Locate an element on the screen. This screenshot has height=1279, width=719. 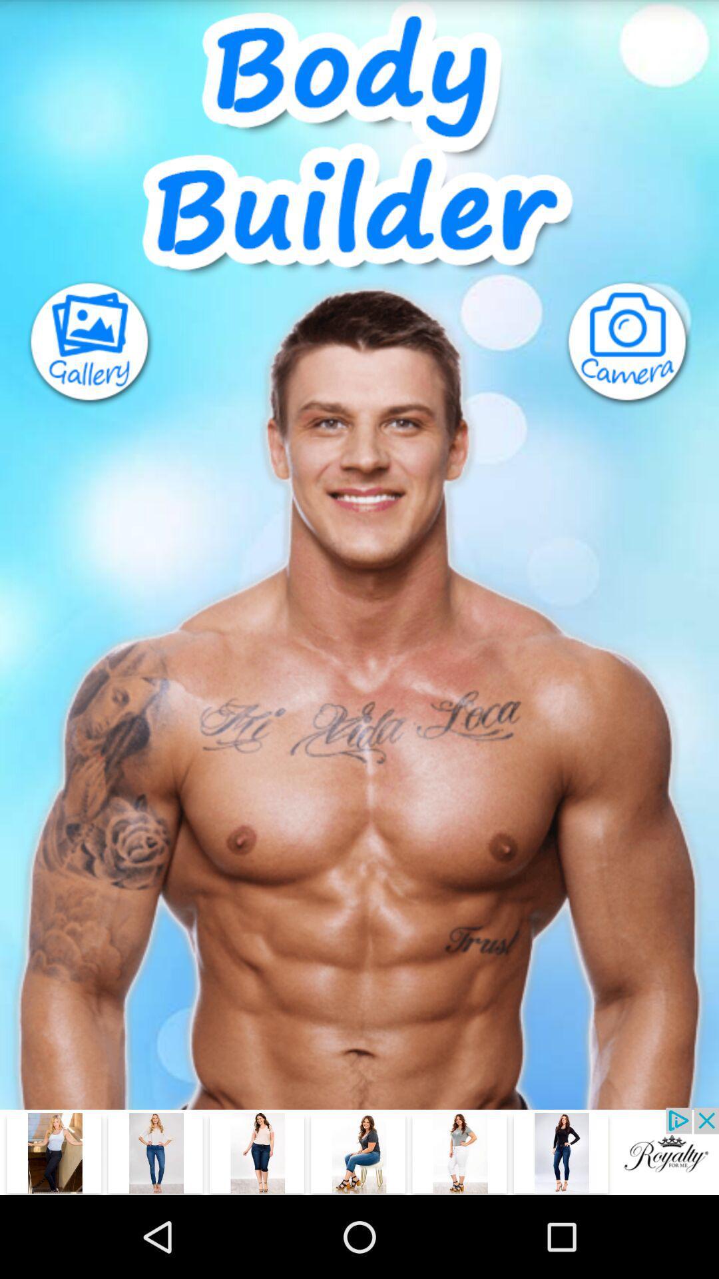
gallery photos is located at coordinates (77, 344).